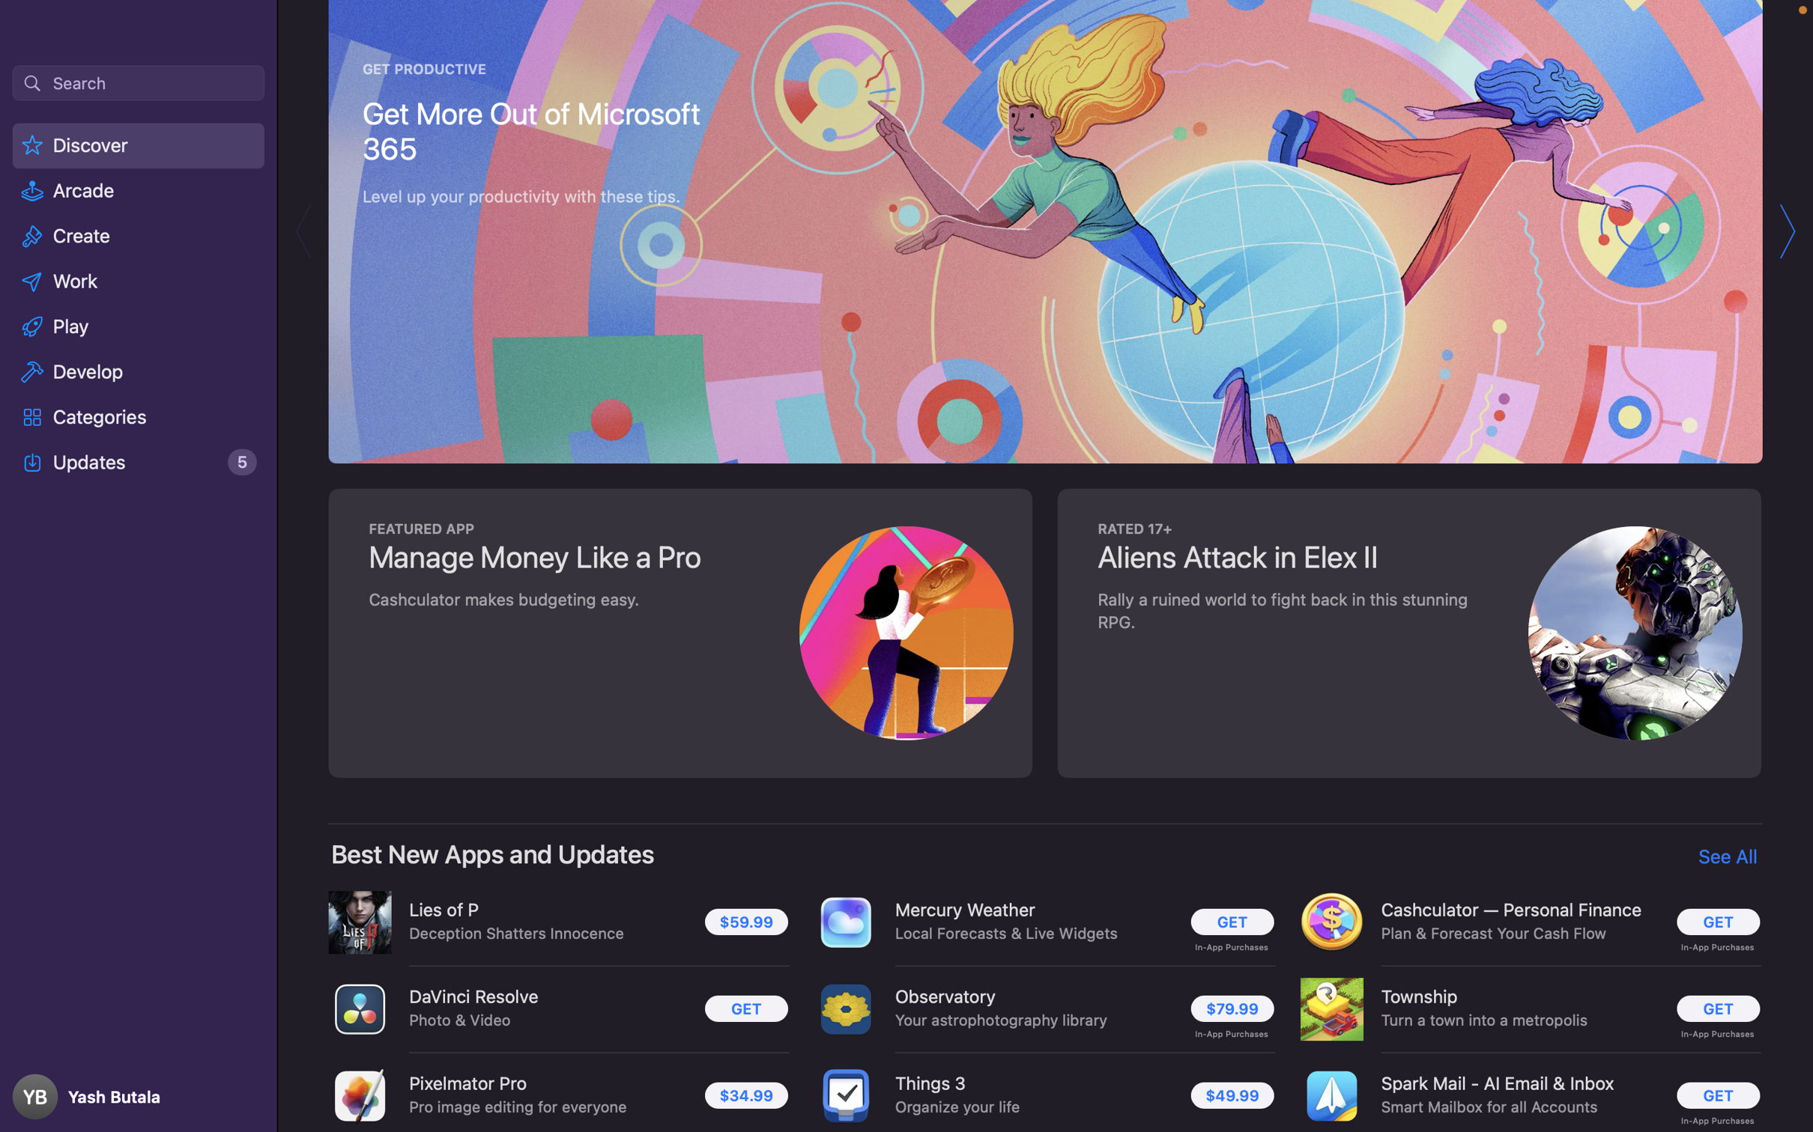  I want to click on "Work", so click(139, 279).